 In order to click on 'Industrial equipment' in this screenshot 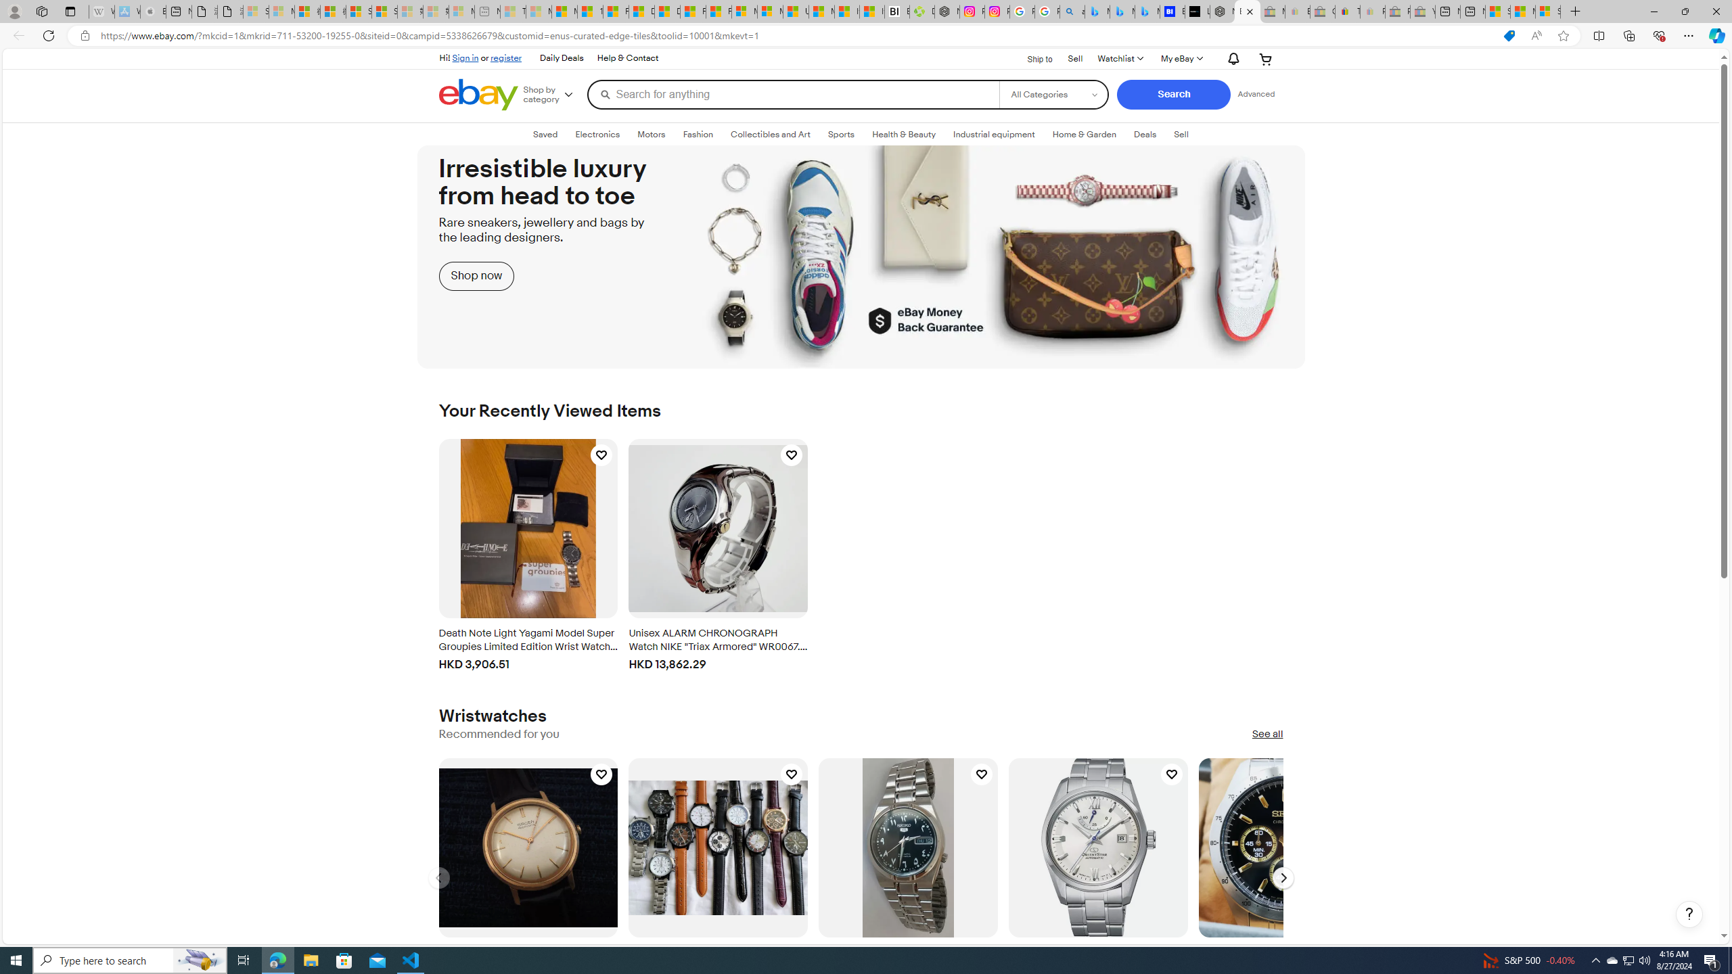, I will do `click(993, 135)`.